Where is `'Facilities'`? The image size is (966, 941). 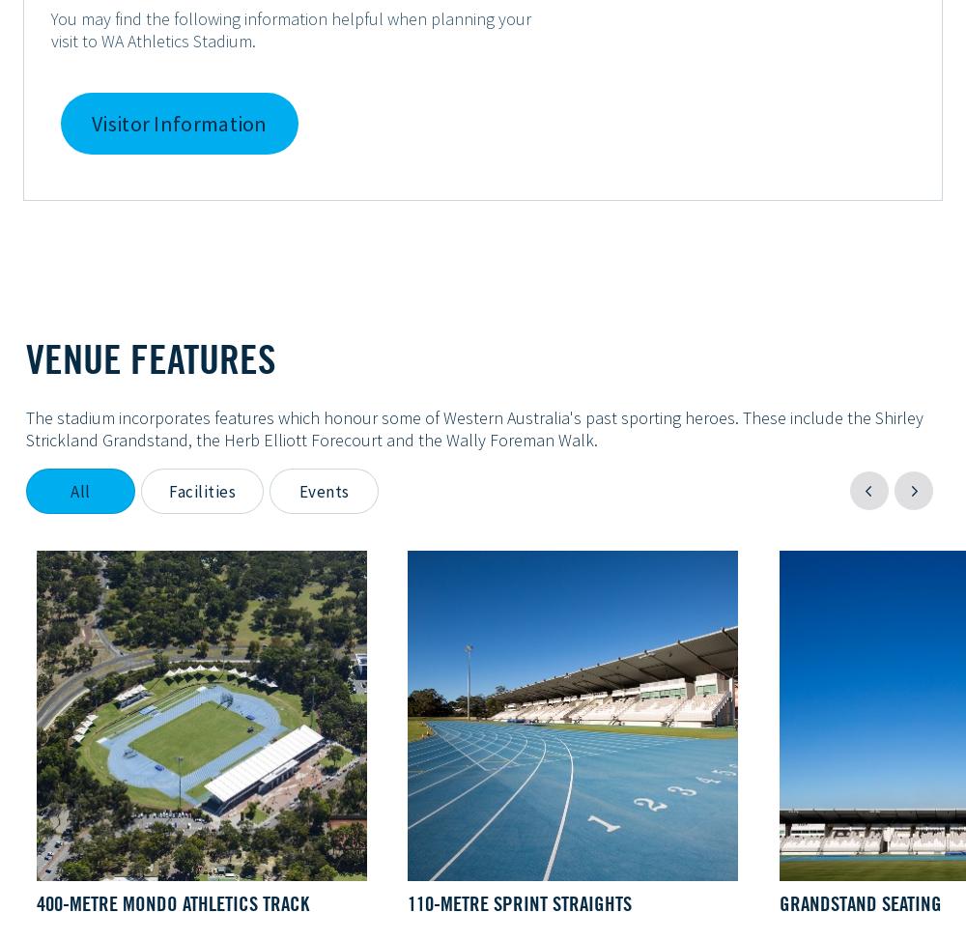 'Facilities' is located at coordinates (201, 492).